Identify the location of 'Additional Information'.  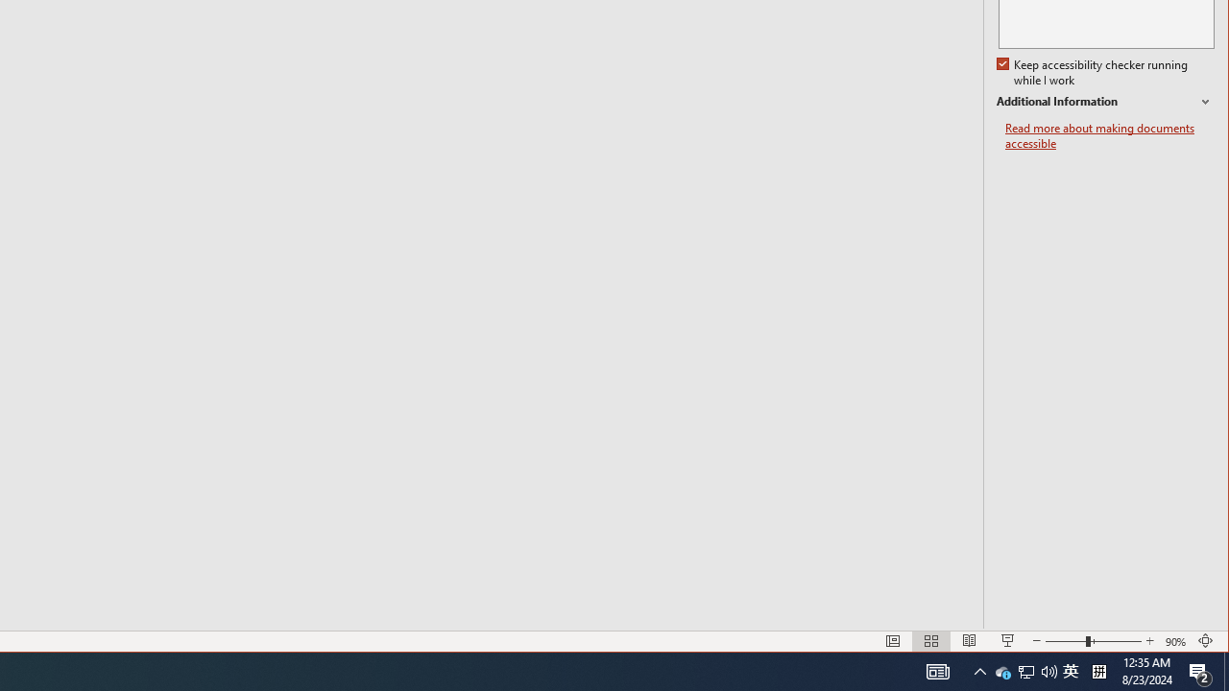
(1105, 102).